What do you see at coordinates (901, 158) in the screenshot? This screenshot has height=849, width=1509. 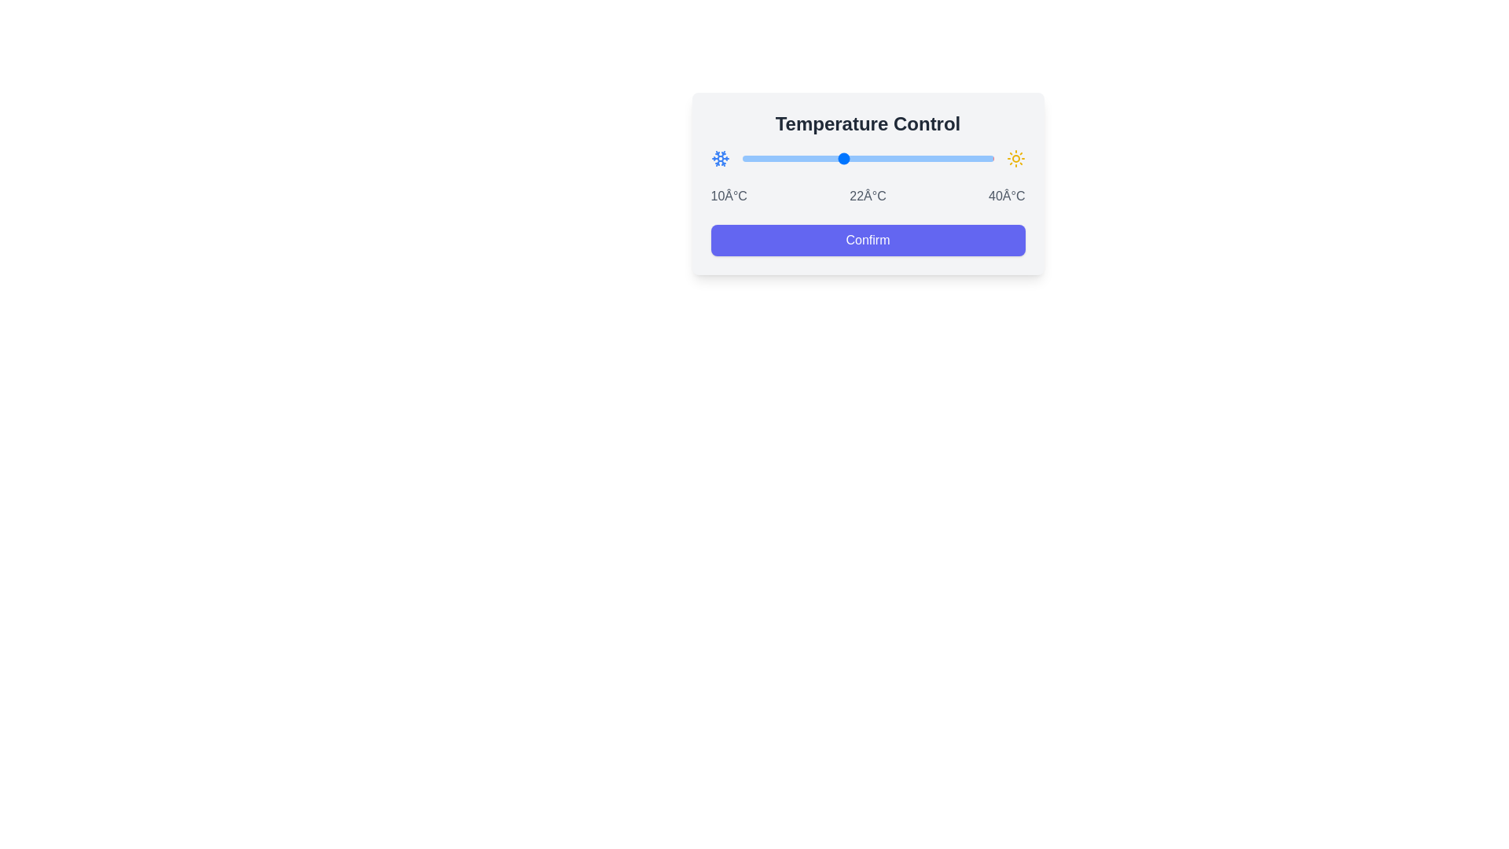 I see `the slider to set the temperature to 29°C` at bounding box center [901, 158].